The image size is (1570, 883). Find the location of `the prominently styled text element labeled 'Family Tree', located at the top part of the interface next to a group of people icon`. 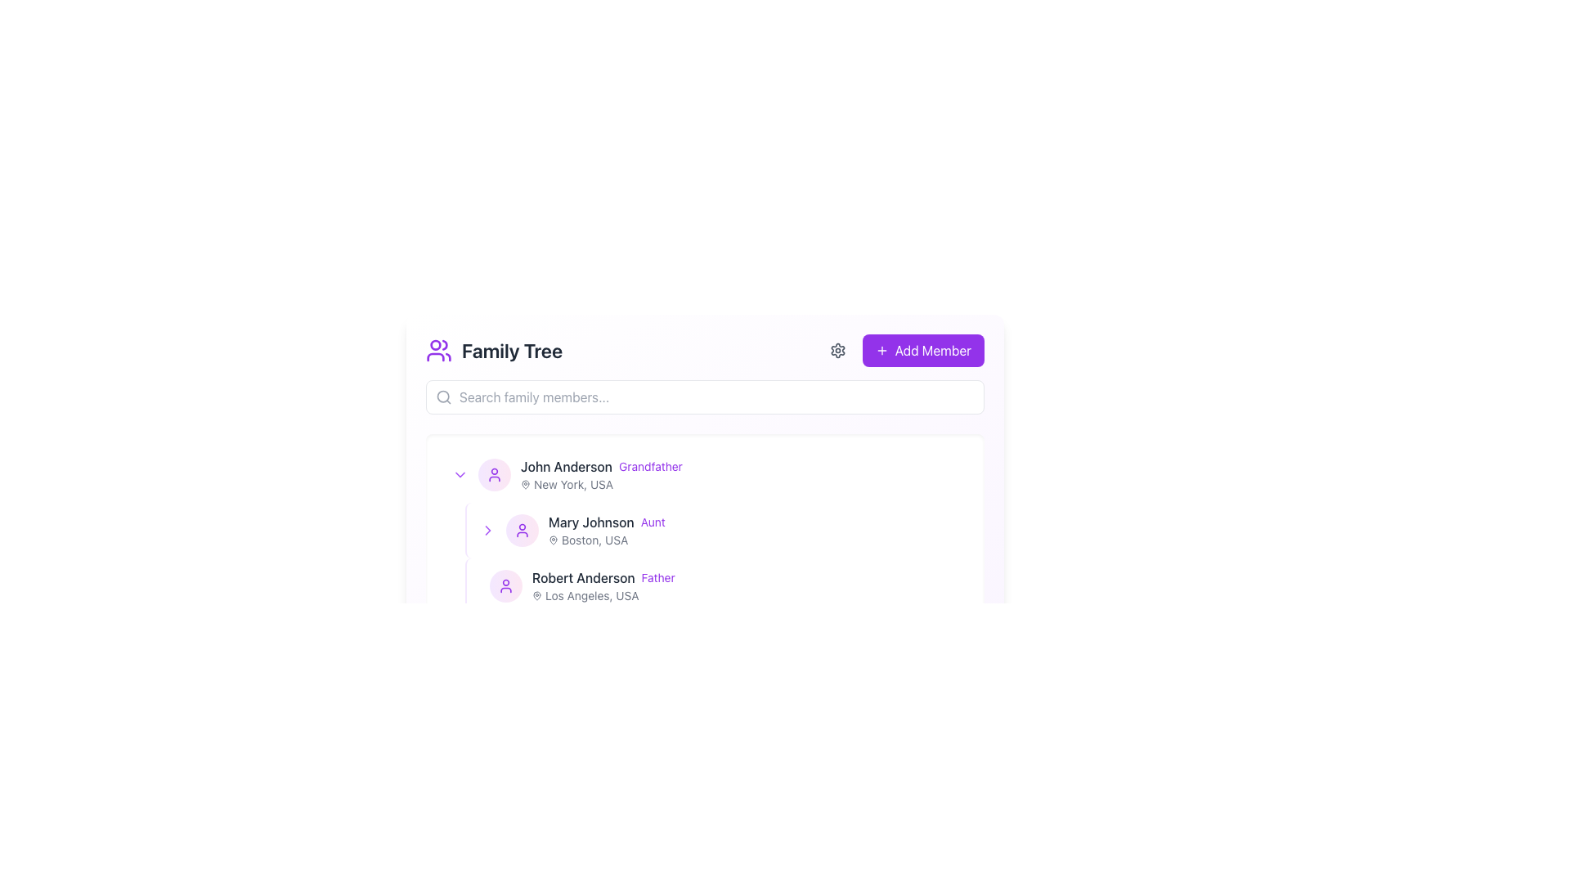

the prominently styled text element labeled 'Family Tree', located at the top part of the interface next to a group of people icon is located at coordinates (511, 349).